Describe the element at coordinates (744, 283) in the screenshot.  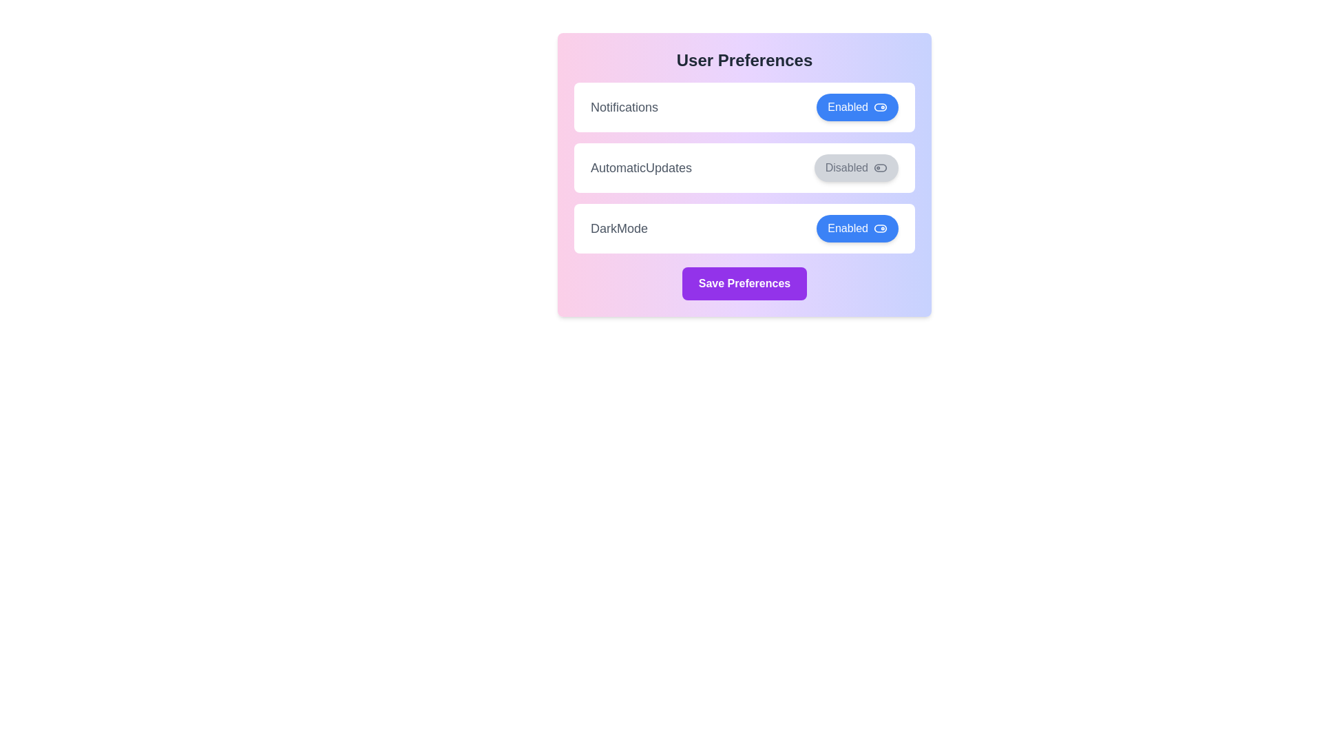
I see `the 'Save Preferences' button` at that location.